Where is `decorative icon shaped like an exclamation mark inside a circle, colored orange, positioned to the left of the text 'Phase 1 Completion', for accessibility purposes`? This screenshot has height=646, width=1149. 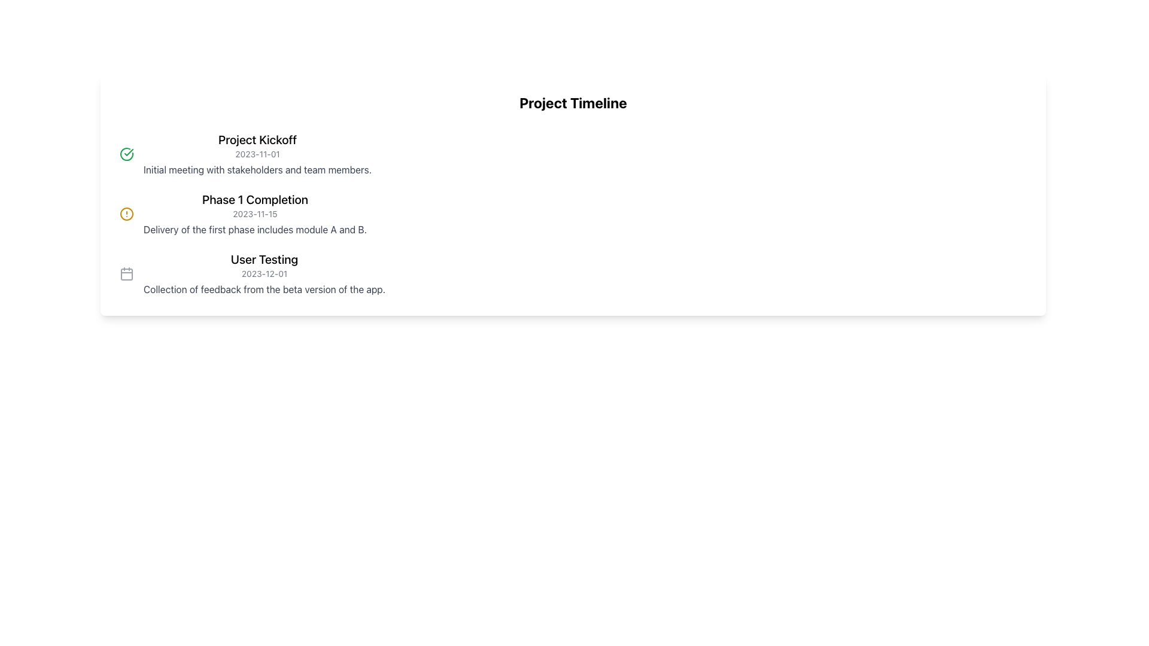 decorative icon shaped like an exclamation mark inside a circle, colored orange, positioned to the left of the text 'Phase 1 Completion', for accessibility purposes is located at coordinates (126, 214).